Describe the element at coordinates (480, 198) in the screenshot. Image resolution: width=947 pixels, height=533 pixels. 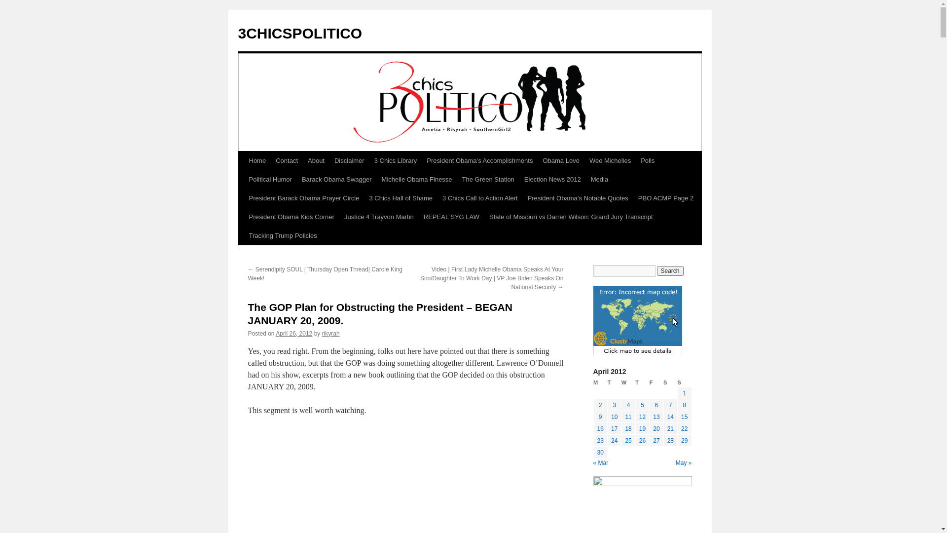
I see `'3 Chics Call to Action Alert'` at that location.